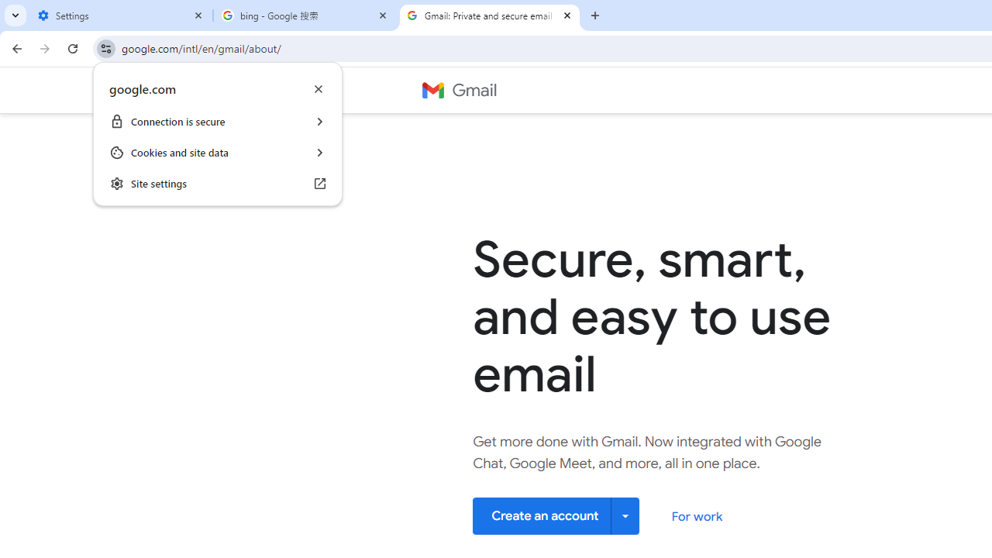 The height and width of the screenshot is (558, 992). What do you see at coordinates (696, 516) in the screenshot?
I see `'For work'` at bounding box center [696, 516].